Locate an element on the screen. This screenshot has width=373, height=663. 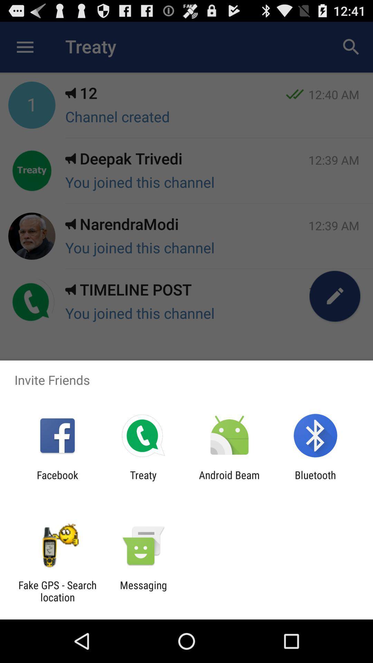
messaging item is located at coordinates (143, 591).